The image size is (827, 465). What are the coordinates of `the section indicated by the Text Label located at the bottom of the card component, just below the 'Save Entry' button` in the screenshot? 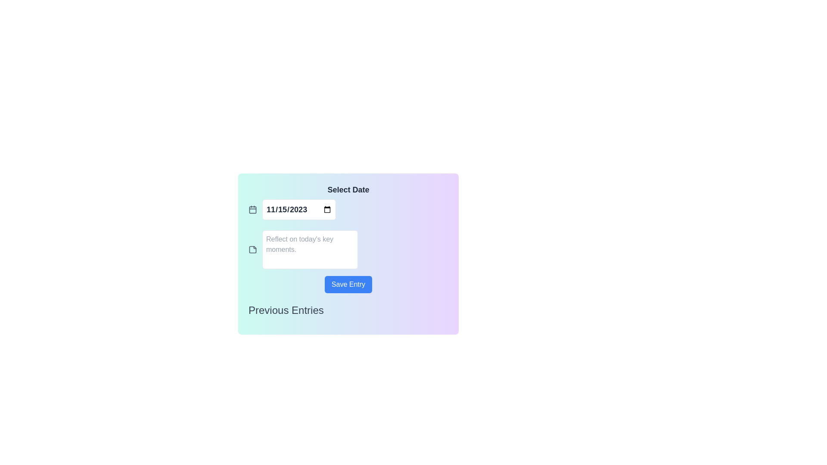 It's located at (348, 310).